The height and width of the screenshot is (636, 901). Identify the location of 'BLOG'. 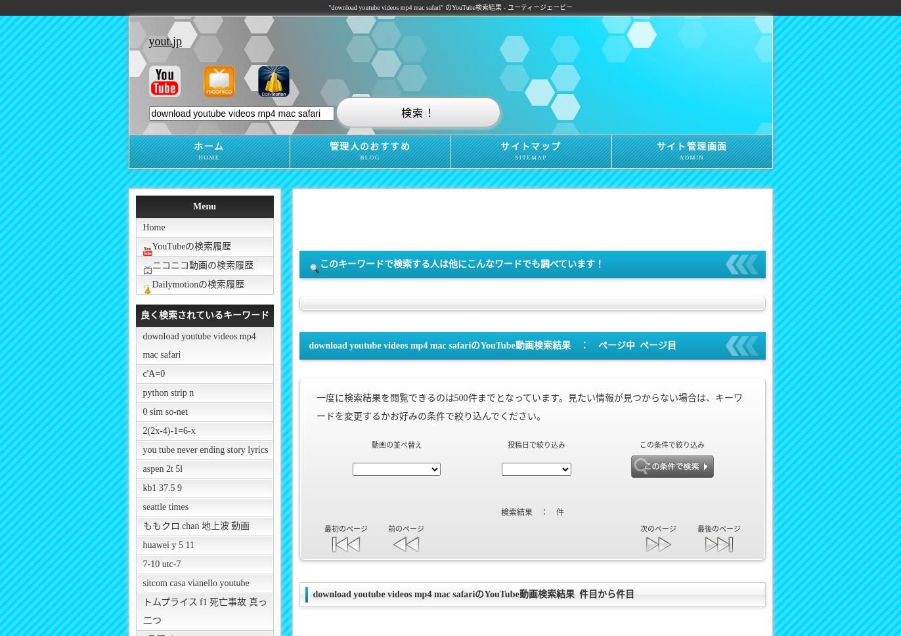
(369, 156).